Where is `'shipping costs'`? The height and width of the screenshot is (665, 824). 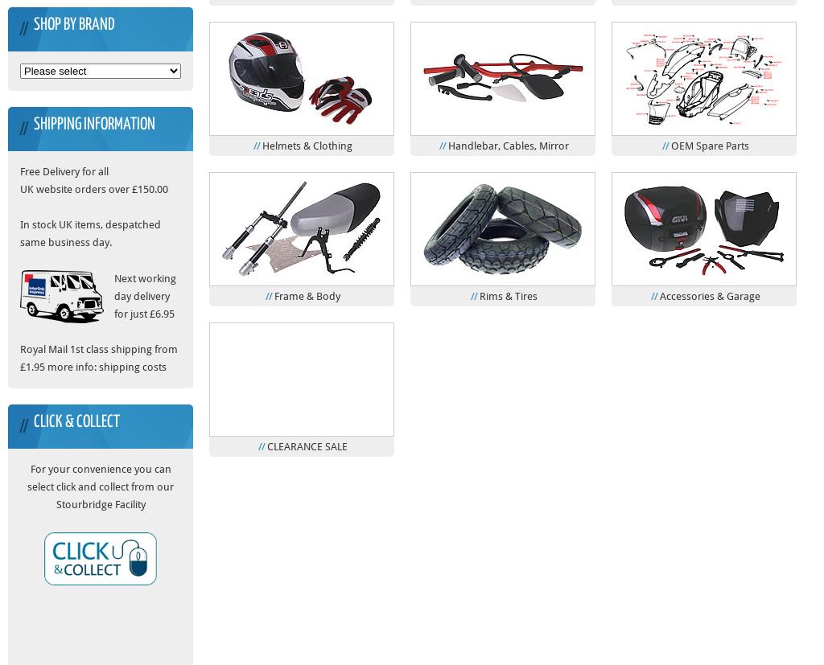
'shipping costs' is located at coordinates (131, 367).